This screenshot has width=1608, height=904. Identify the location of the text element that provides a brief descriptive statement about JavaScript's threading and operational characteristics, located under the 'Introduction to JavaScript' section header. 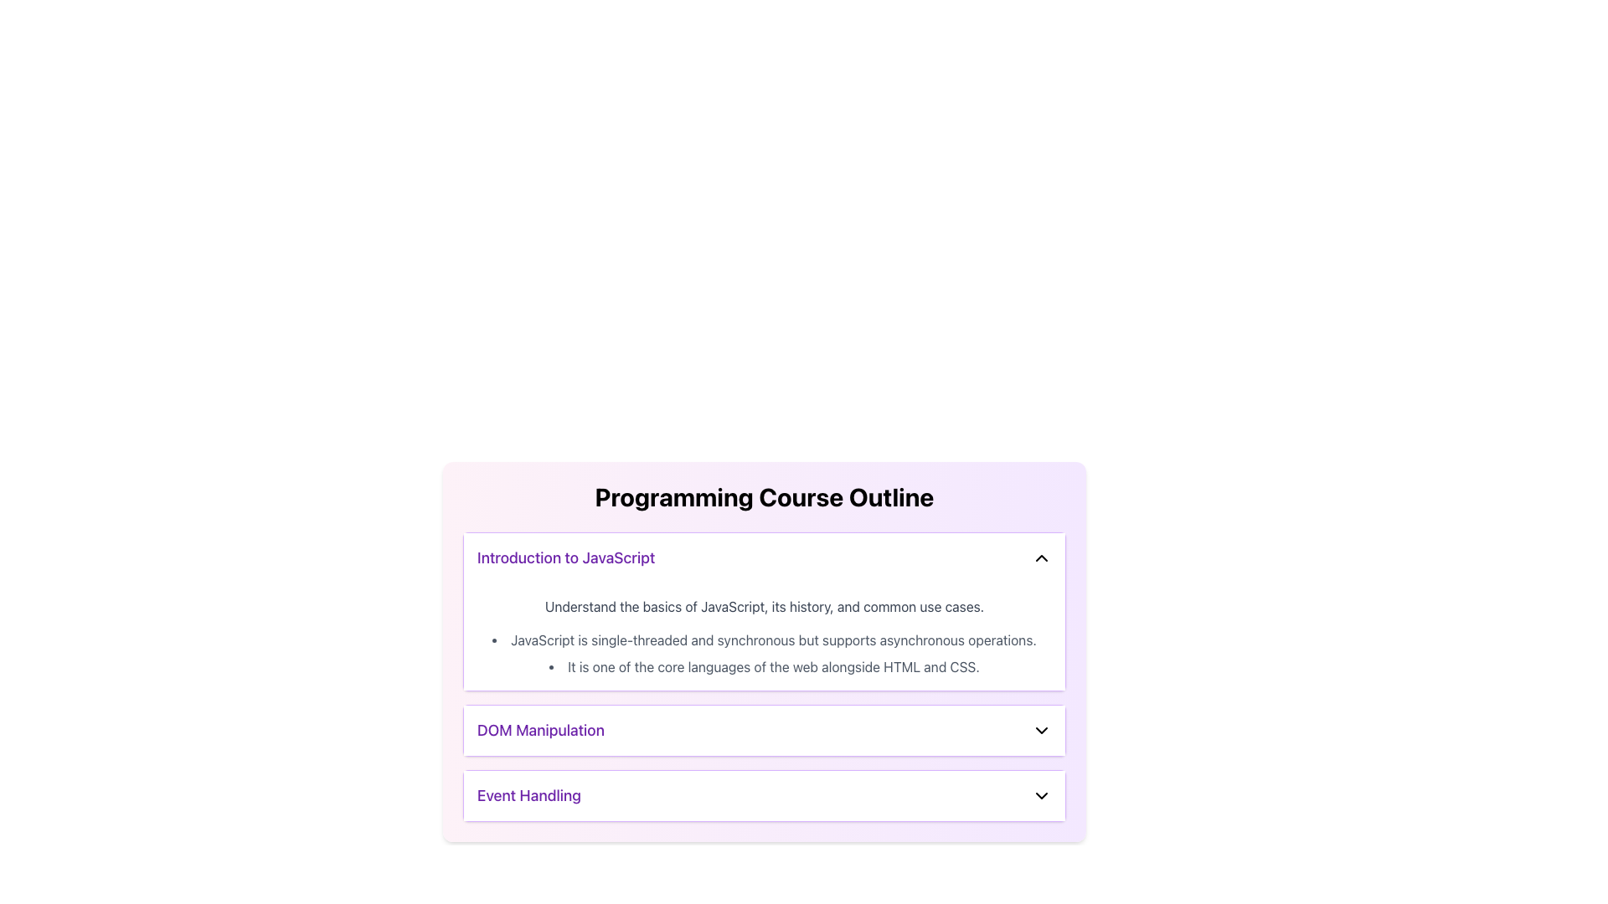
(763, 639).